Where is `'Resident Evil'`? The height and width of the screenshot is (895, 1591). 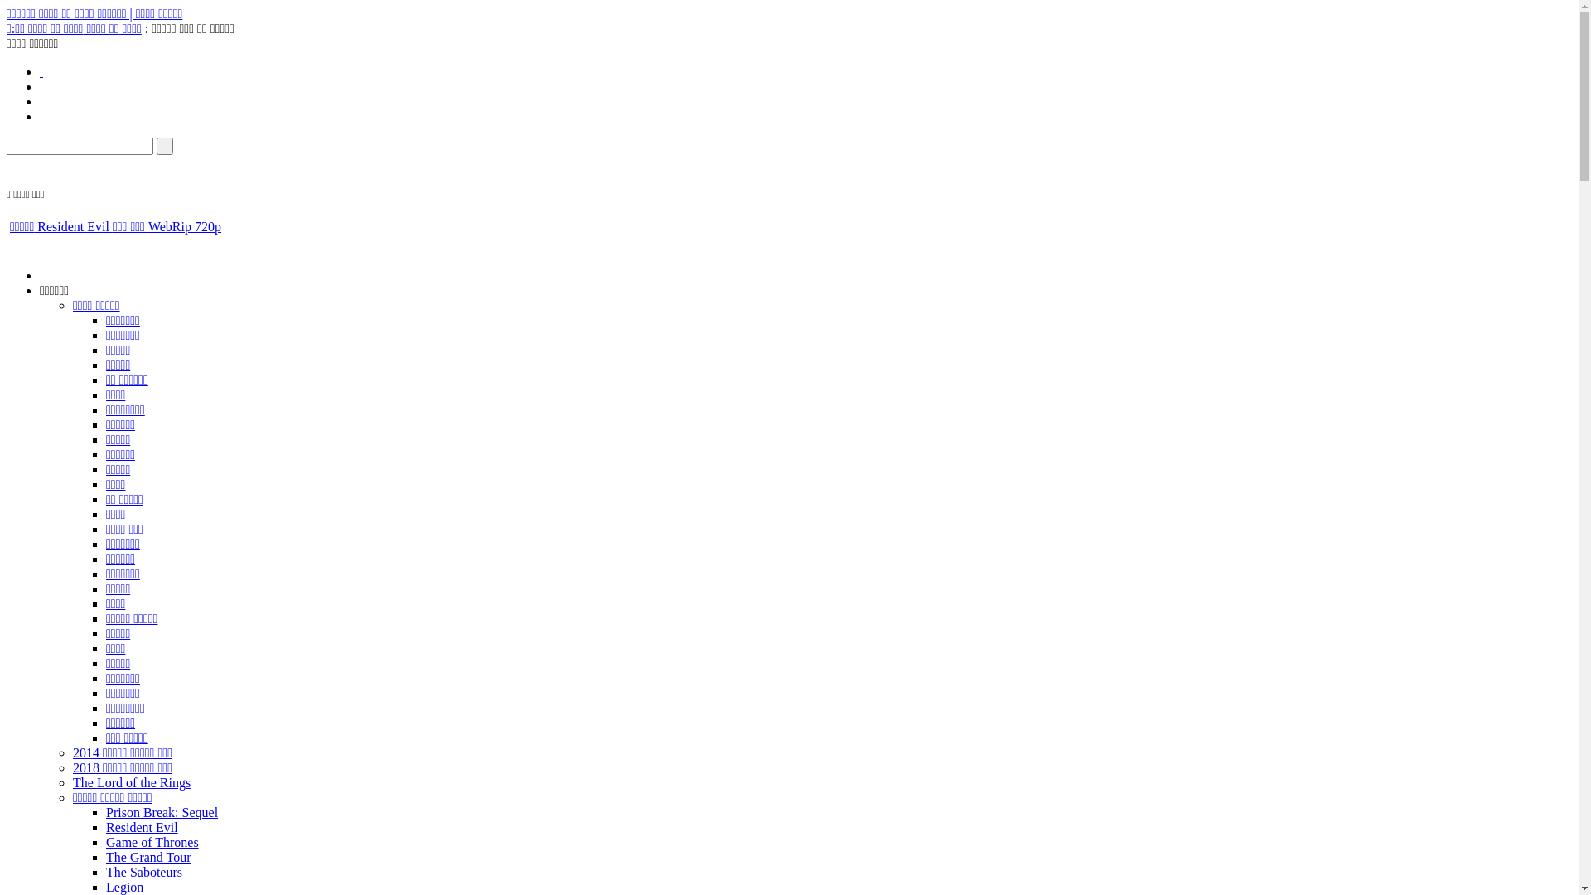
'Resident Evil' is located at coordinates (142, 827).